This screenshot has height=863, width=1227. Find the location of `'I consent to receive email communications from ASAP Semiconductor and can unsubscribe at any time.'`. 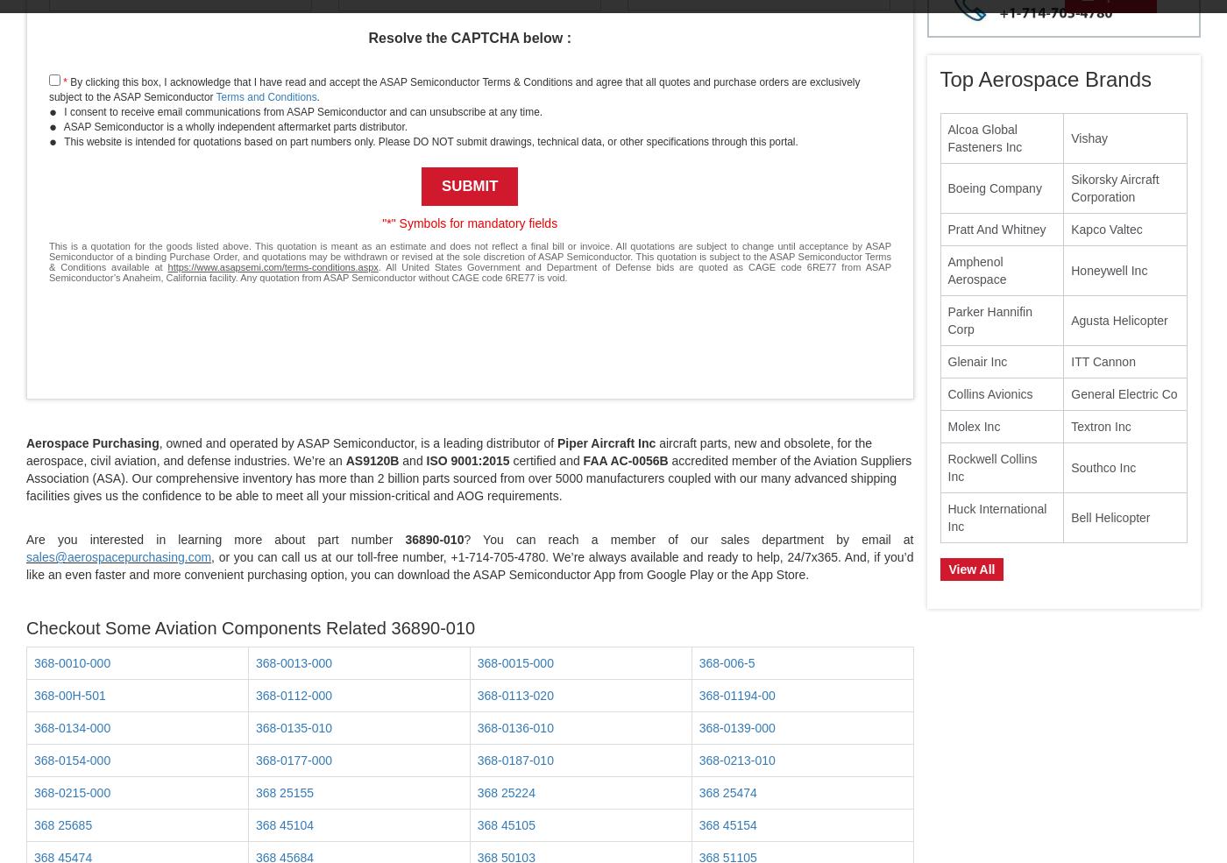

'I consent to receive email communications from ASAP Semiconductor and can unsubscribe at any time.' is located at coordinates (61, 111).